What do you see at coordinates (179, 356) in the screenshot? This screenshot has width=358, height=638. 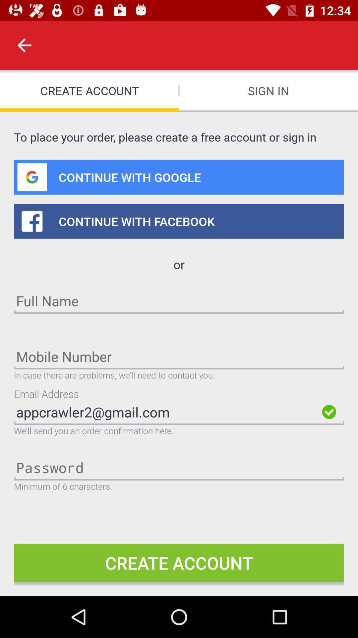 I see `the mobile number` at bounding box center [179, 356].